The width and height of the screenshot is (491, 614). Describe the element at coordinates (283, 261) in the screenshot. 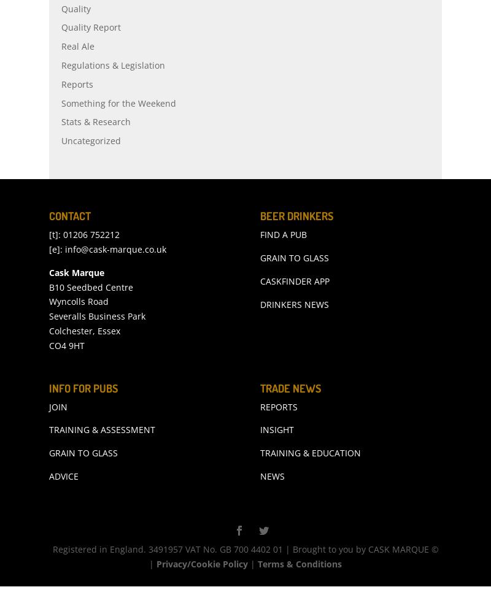

I see `'FIND A PUB'` at that location.